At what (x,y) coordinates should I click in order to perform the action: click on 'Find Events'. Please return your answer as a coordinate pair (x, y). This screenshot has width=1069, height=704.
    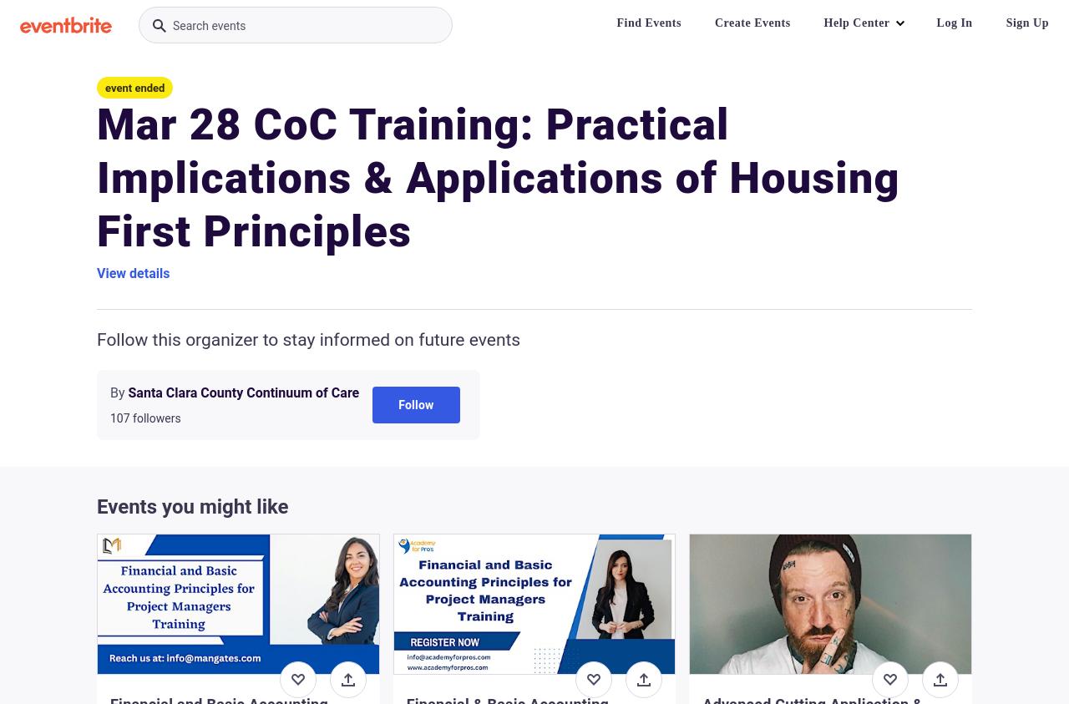
    Looking at the image, I should click on (647, 22).